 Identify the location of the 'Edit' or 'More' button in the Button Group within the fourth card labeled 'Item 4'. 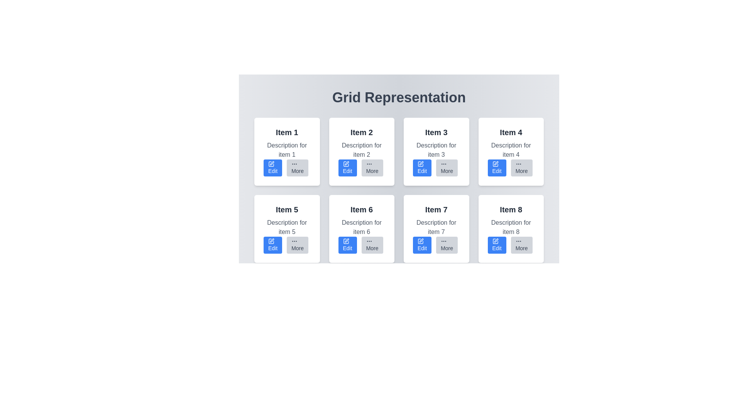
(511, 168).